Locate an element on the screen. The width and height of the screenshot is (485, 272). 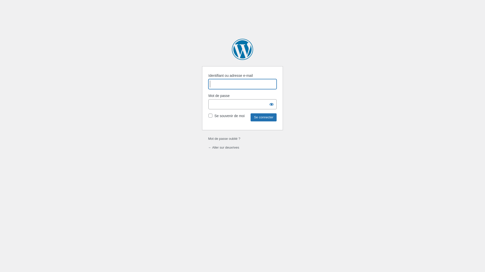
'Se connecter' is located at coordinates (263, 117).